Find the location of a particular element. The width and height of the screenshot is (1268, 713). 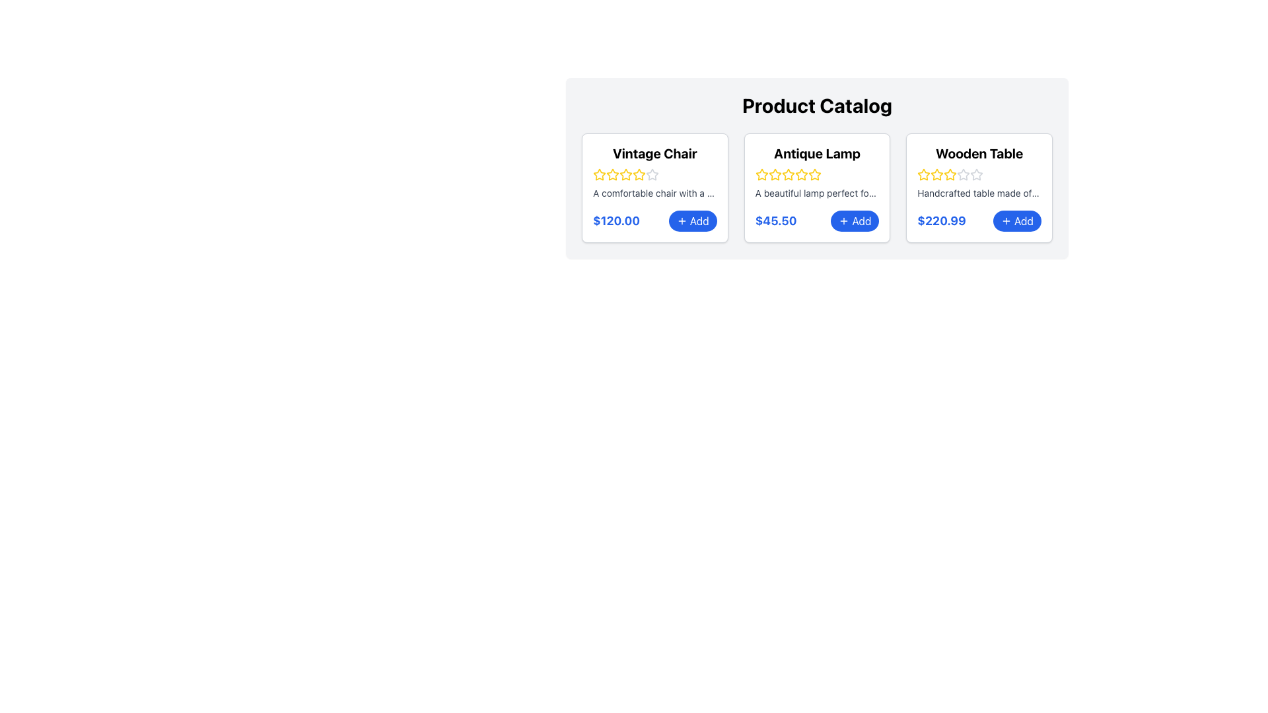

the second star icon is located at coordinates (775, 174).